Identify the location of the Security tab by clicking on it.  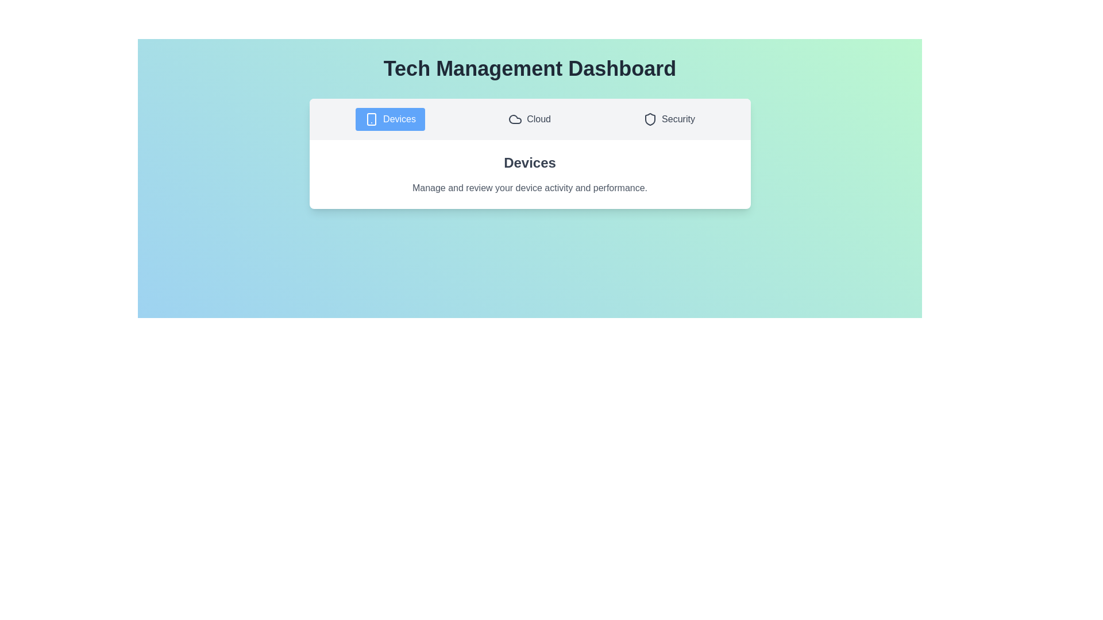
(669, 119).